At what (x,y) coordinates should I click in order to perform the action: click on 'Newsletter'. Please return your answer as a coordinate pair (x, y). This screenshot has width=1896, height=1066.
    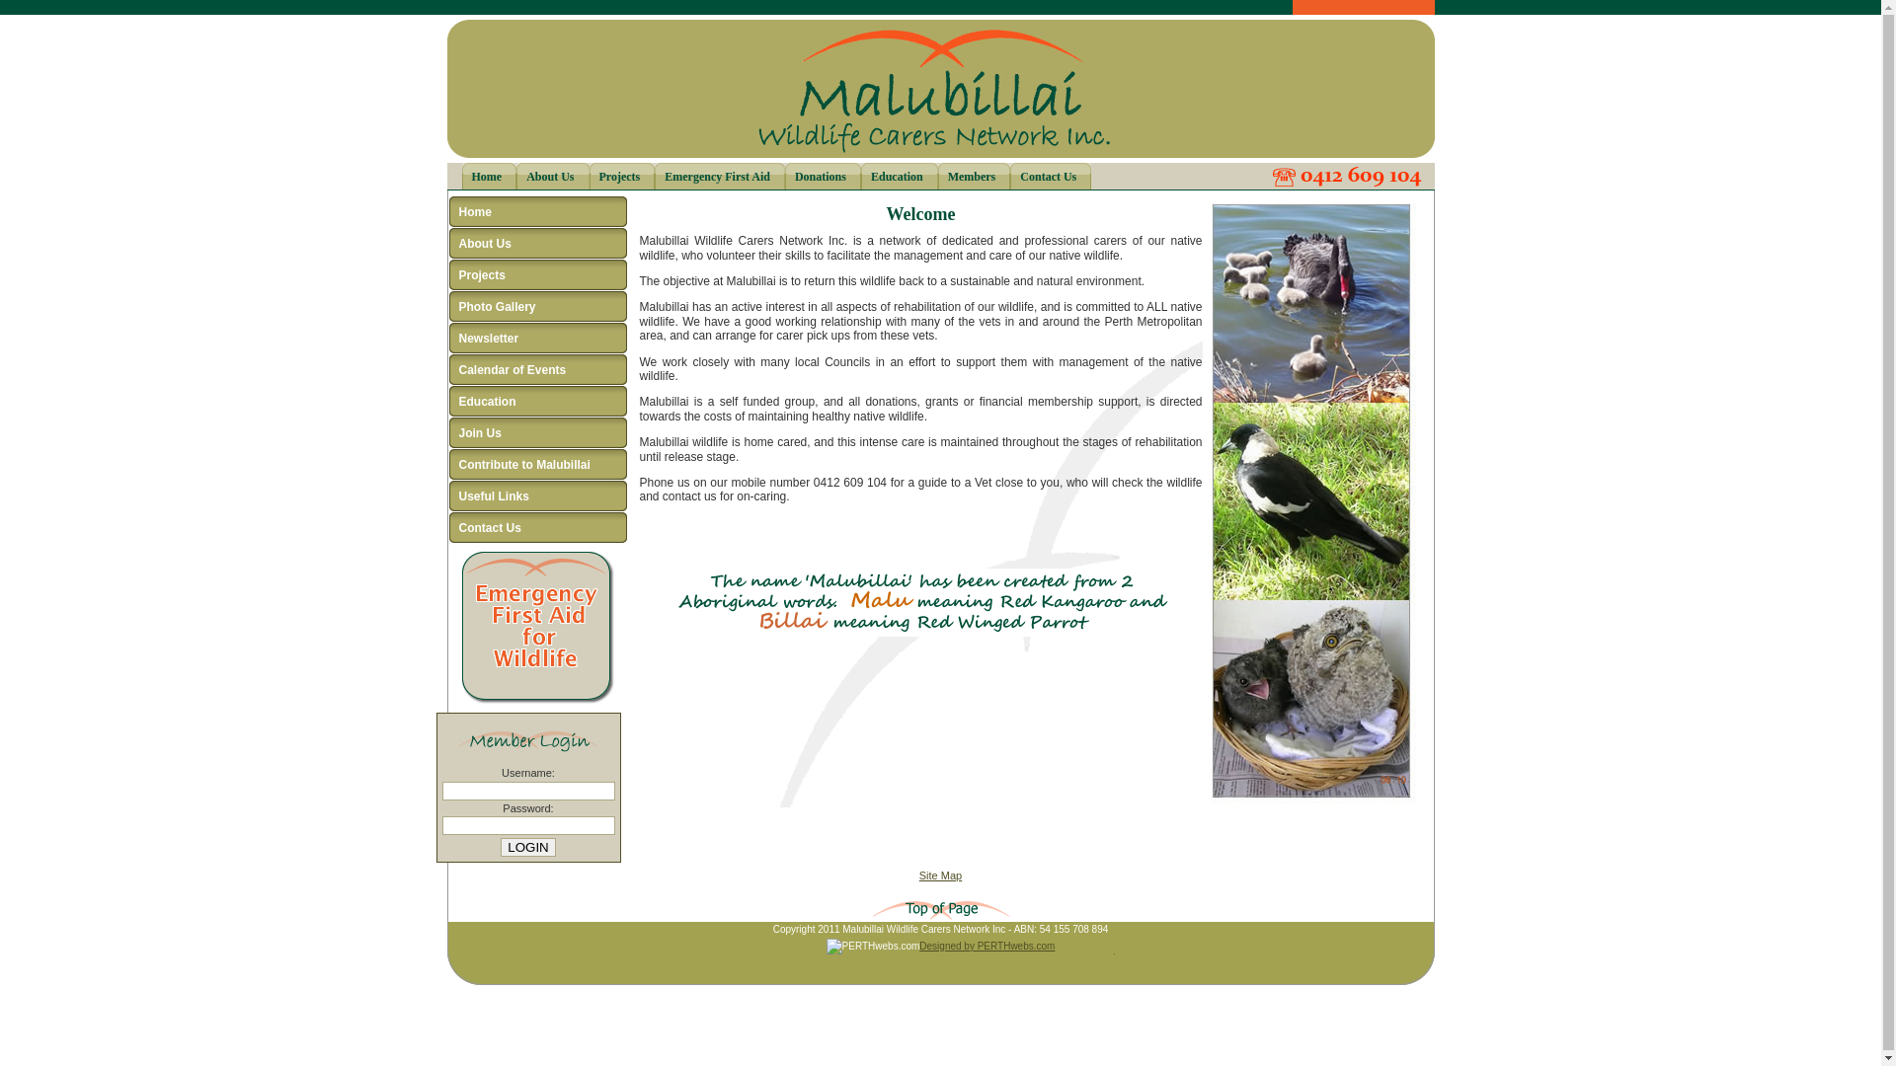
    Looking at the image, I should click on (536, 338).